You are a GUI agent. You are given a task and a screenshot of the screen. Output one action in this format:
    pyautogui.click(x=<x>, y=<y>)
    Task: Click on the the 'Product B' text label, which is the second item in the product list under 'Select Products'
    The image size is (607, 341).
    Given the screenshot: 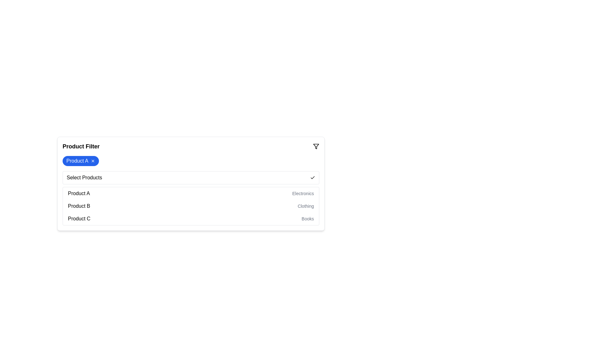 What is the action you would take?
    pyautogui.click(x=79, y=206)
    